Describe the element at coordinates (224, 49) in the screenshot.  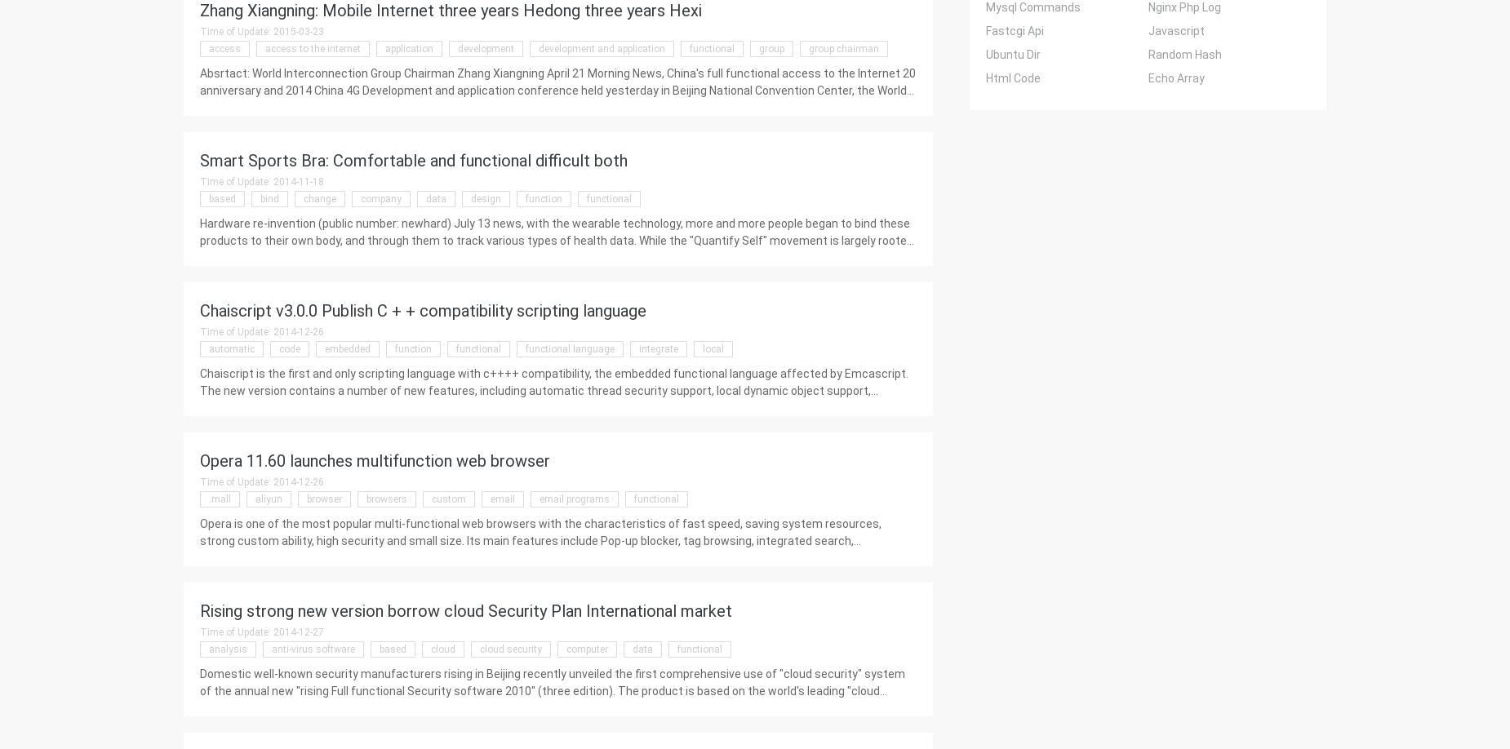
I see `'access'` at that location.